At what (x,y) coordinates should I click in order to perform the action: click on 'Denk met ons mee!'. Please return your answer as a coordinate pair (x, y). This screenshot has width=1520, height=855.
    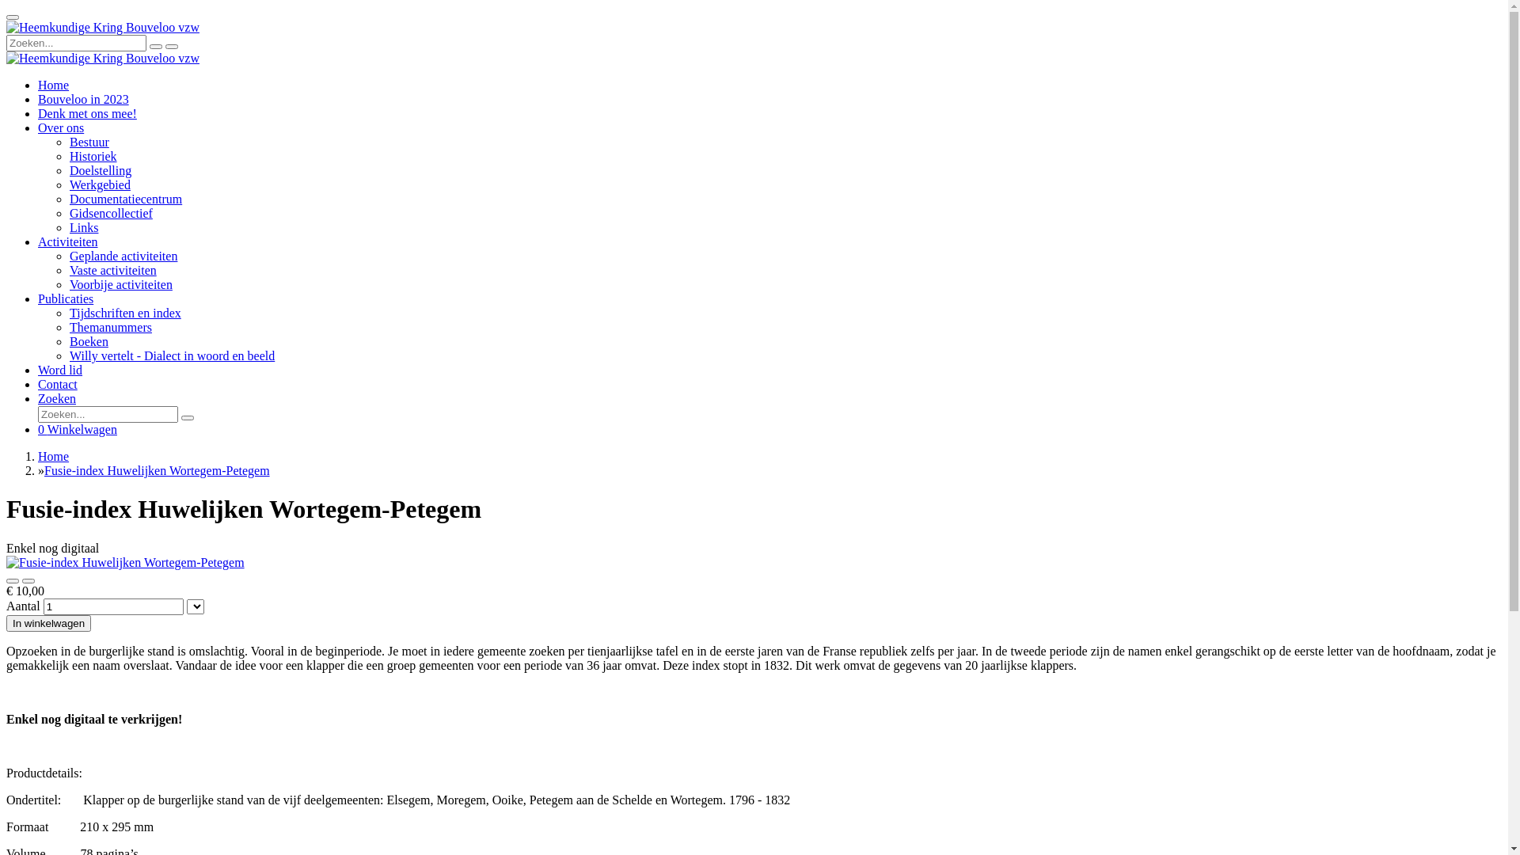
    Looking at the image, I should click on (86, 112).